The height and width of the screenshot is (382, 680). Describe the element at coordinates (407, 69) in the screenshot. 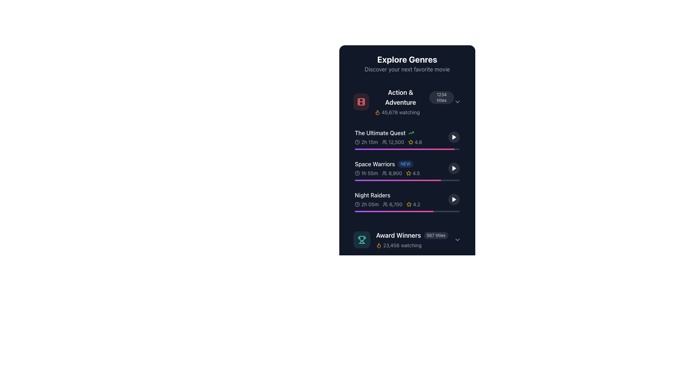

I see `the text label that encourages users` at that location.